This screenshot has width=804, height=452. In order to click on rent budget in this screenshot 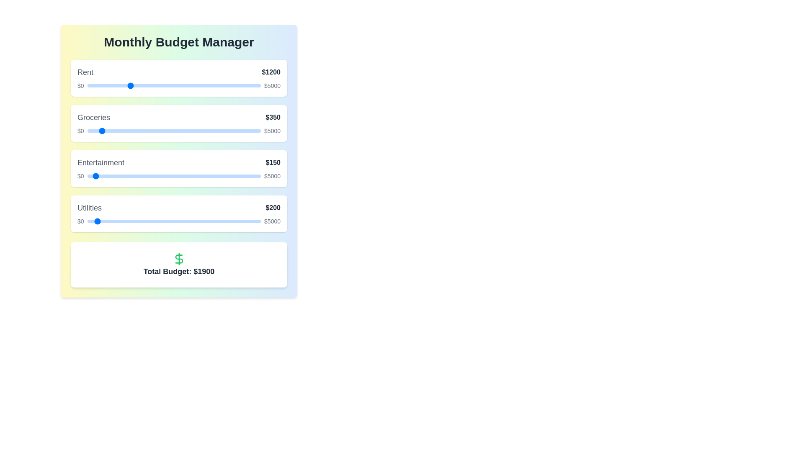, I will do `click(188, 85)`.